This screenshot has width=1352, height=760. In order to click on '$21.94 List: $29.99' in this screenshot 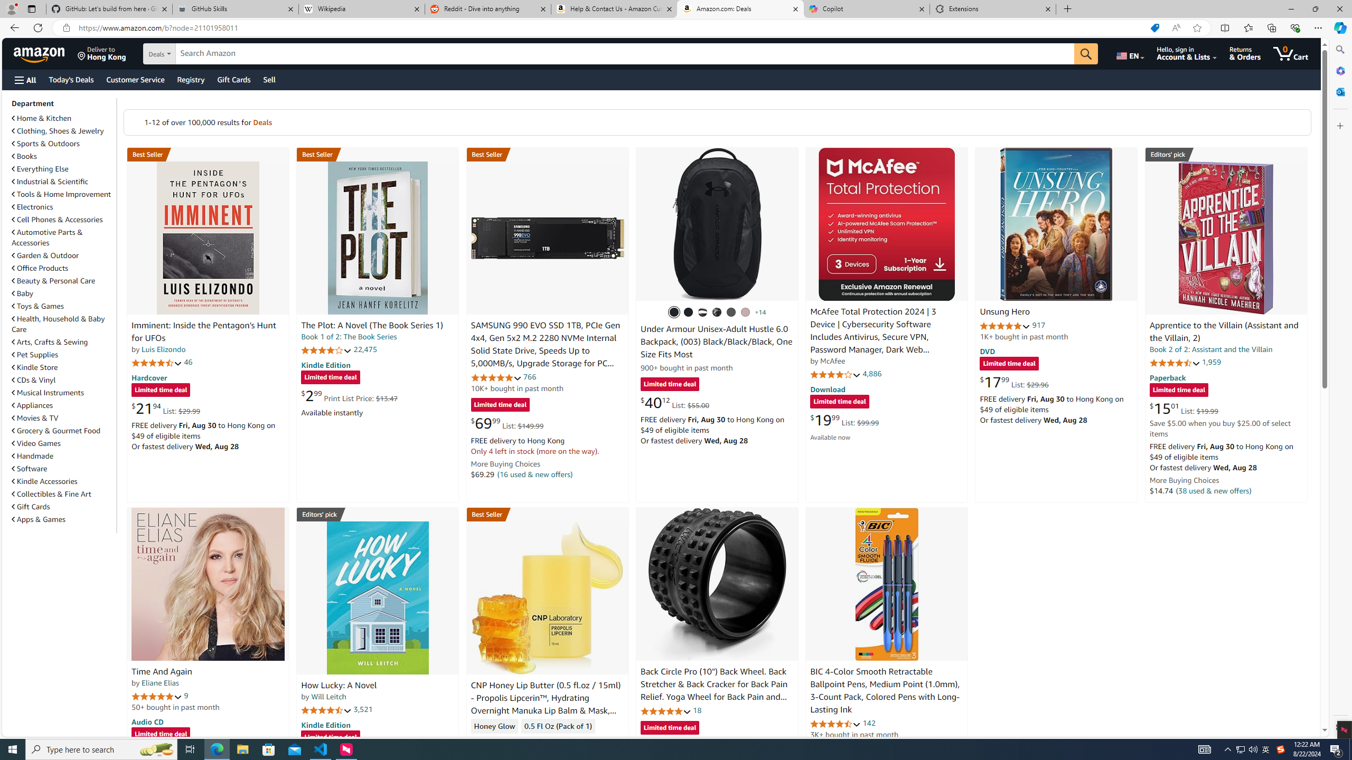, I will do `click(165, 408)`.